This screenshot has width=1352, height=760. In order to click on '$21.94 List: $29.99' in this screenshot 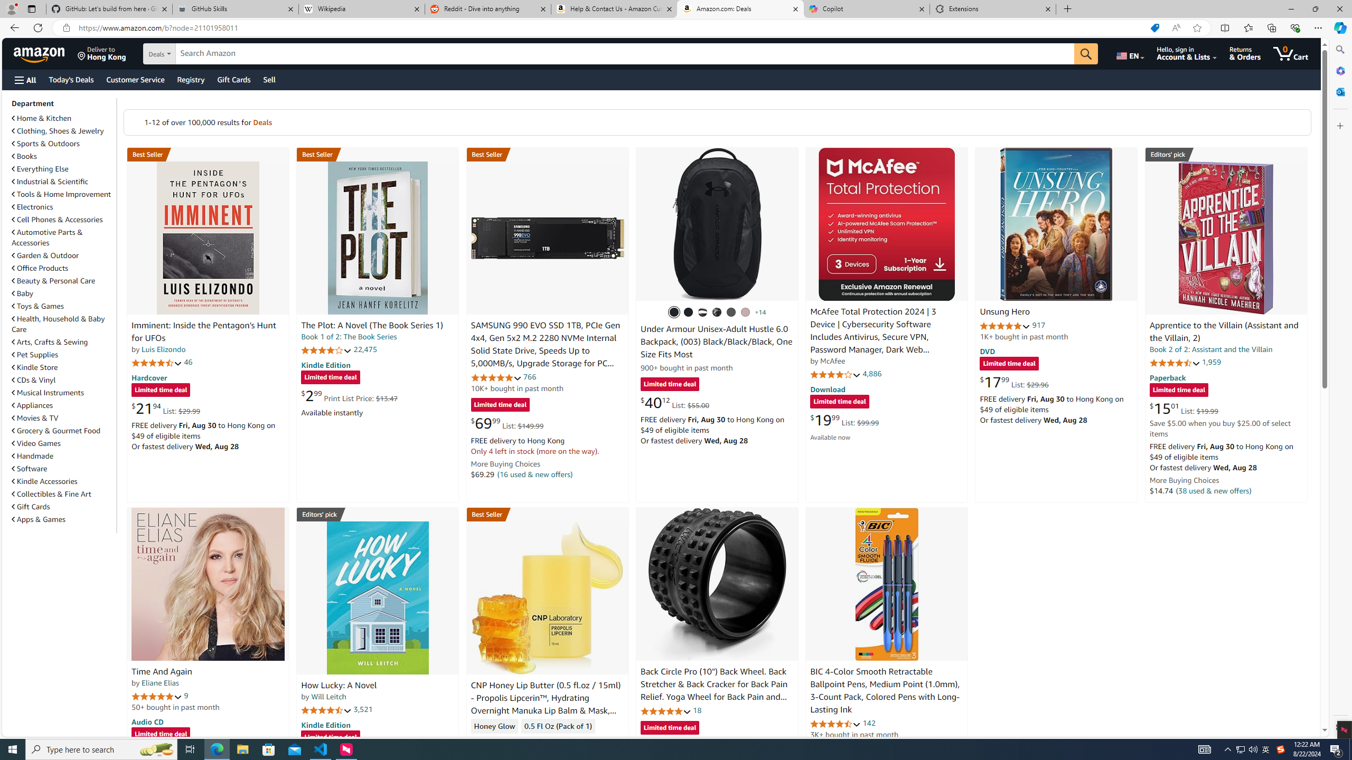, I will do `click(165, 408)`.